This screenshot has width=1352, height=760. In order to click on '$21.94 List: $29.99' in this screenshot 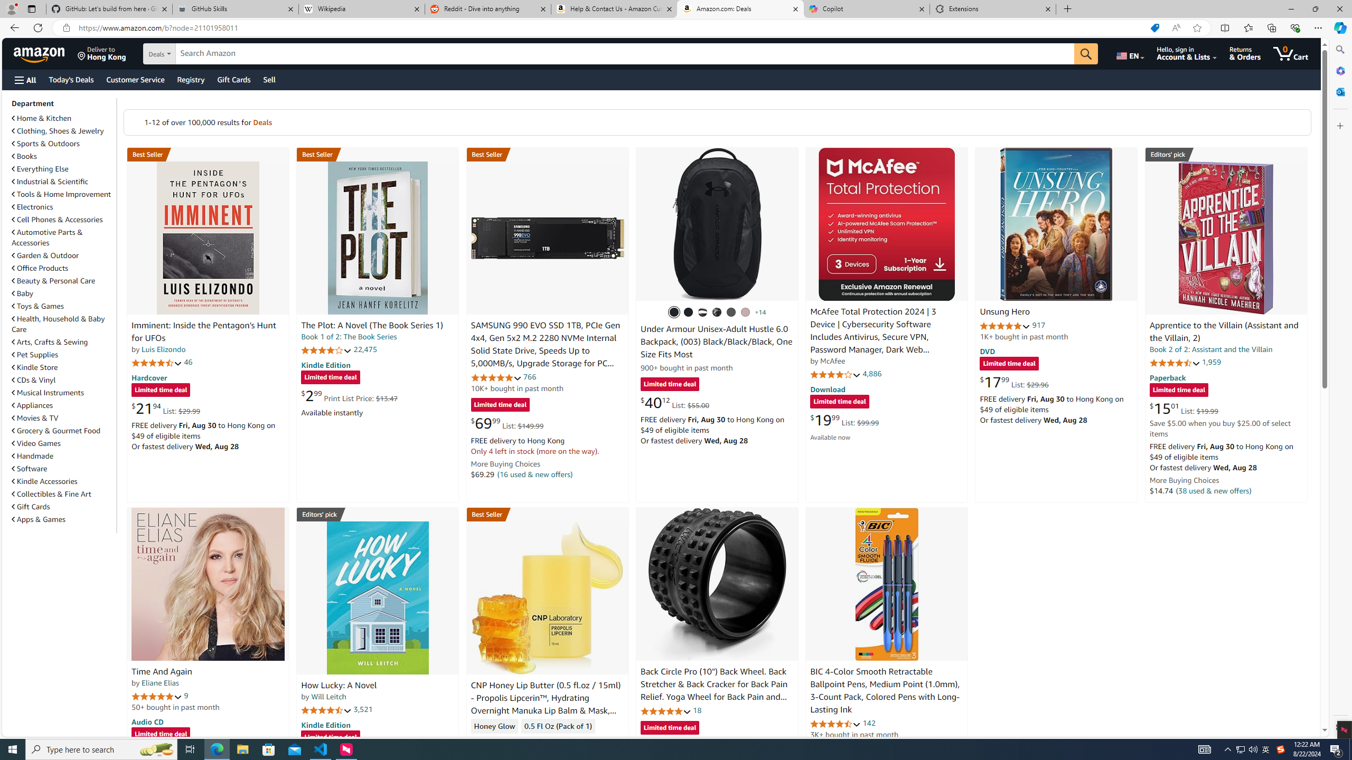, I will do `click(165, 408)`.